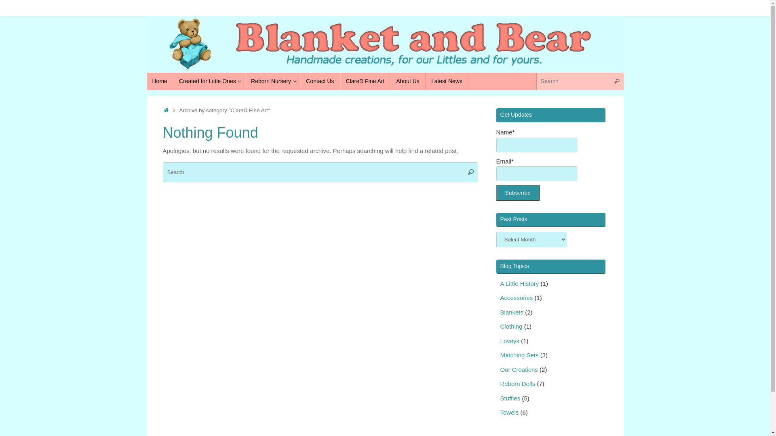 The height and width of the screenshot is (436, 776). Describe the element at coordinates (446, 81) in the screenshot. I see `'Latest News'` at that location.